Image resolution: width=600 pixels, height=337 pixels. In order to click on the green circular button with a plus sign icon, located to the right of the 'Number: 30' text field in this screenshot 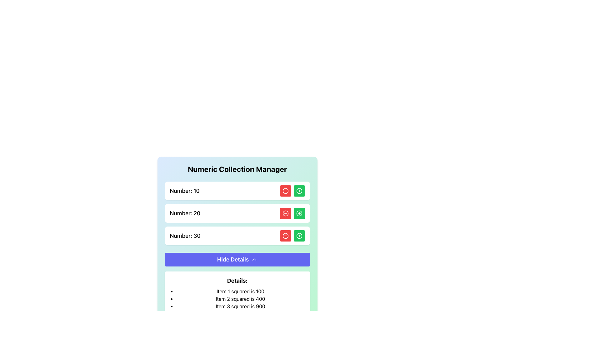, I will do `click(299, 236)`.